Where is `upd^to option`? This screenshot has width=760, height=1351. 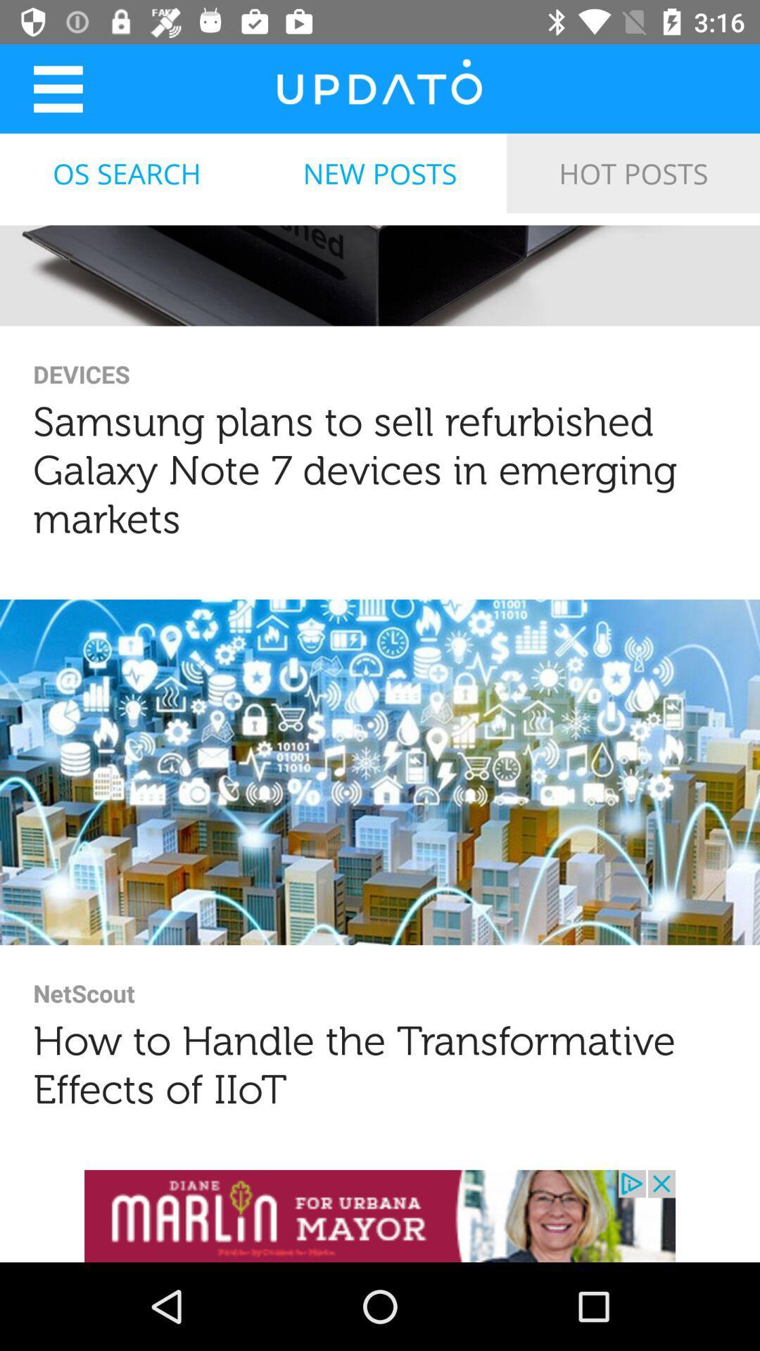 upd^to option is located at coordinates (379, 87).